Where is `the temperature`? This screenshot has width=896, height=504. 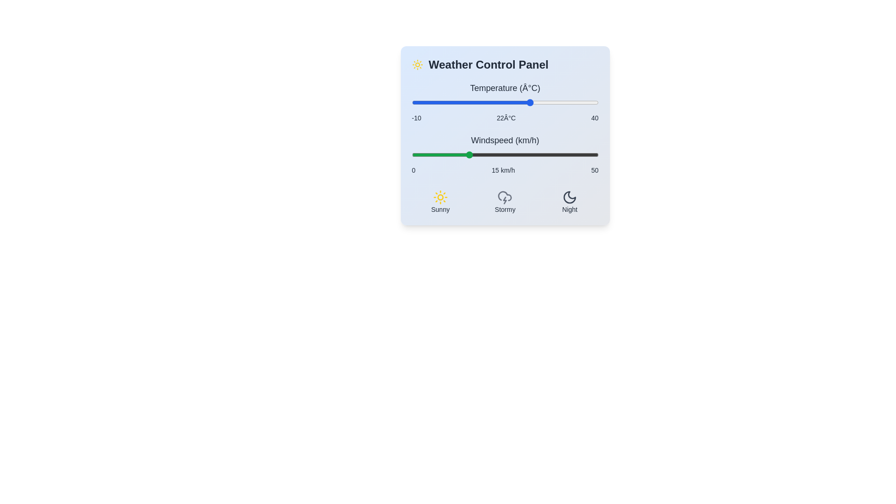 the temperature is located at coordinates (568, 102).